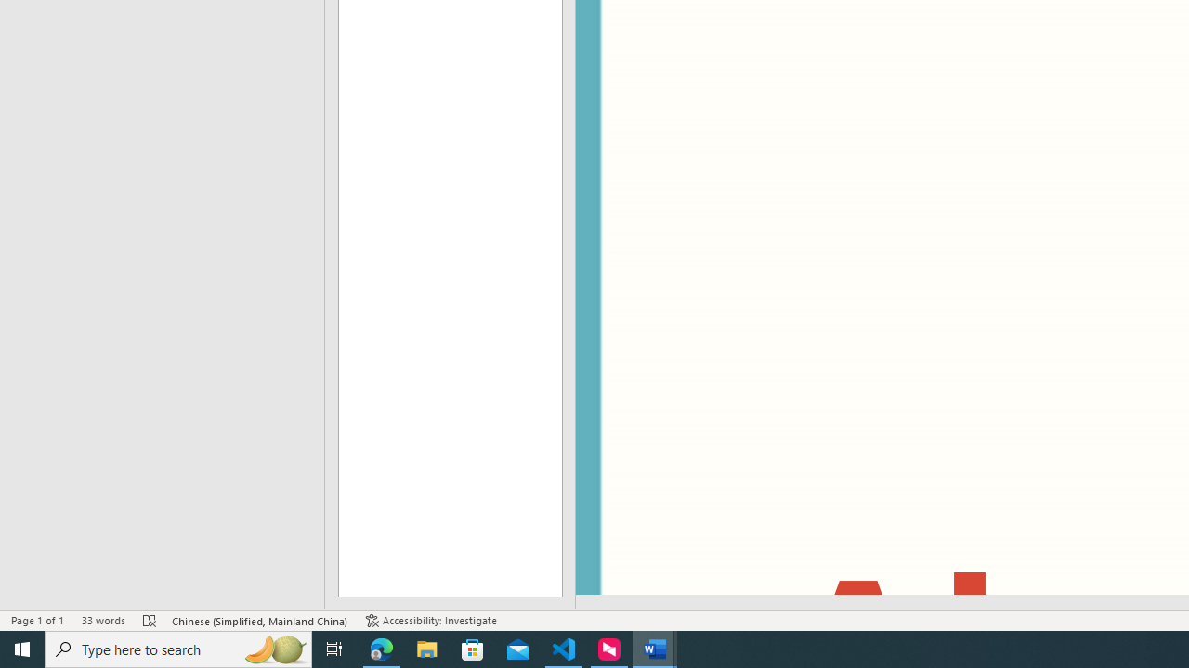 The width and height of the screenshot is (1189, 668). What do you see at coordinates (37, 621) in the screenshot?
I see `'Page Number Page 1 of 1'` at bounding box center [37, 621].